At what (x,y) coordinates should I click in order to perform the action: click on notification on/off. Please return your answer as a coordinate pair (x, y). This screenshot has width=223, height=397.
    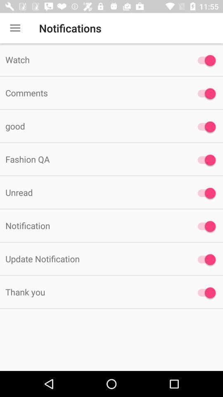
    Looking at the image, I should click on (204, 226).